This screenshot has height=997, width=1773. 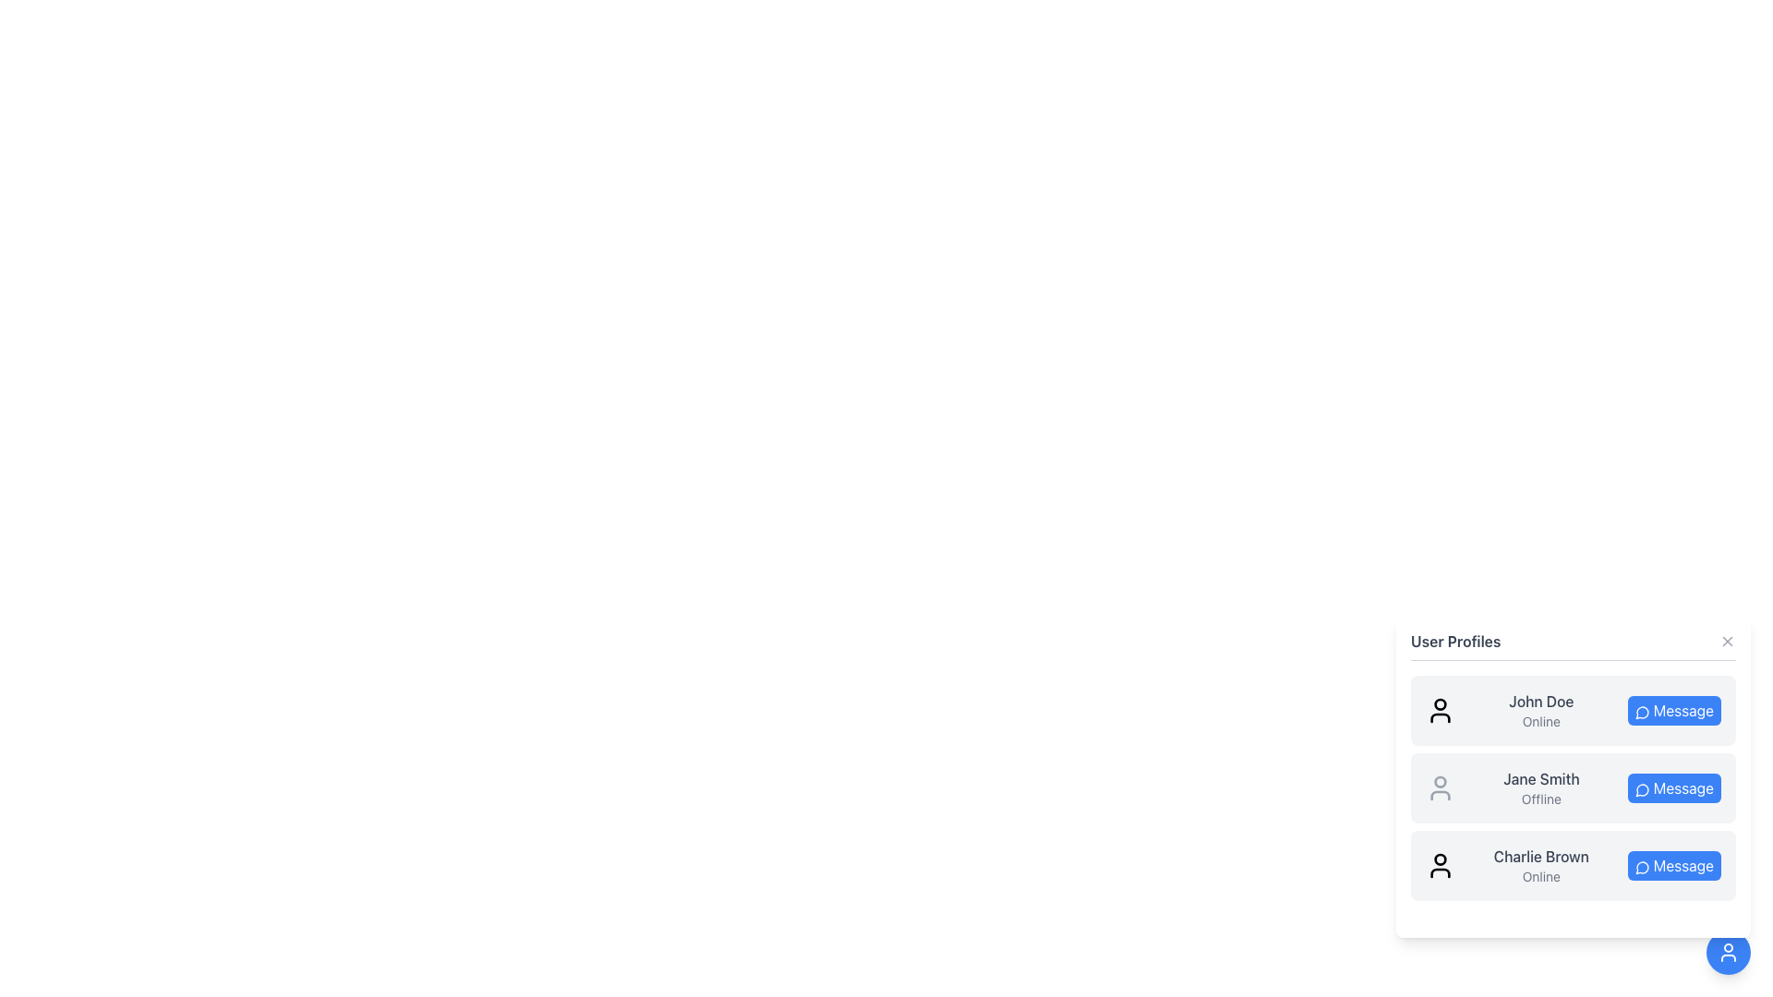 What do you see at coordinates (1573, 865) in the screenshot?
I see `the 'Message' button on the third User Profile Card in the vertically stacked list, located below 'John Doe' and 'Jane Smith'` at bounding box center [1573, 865].